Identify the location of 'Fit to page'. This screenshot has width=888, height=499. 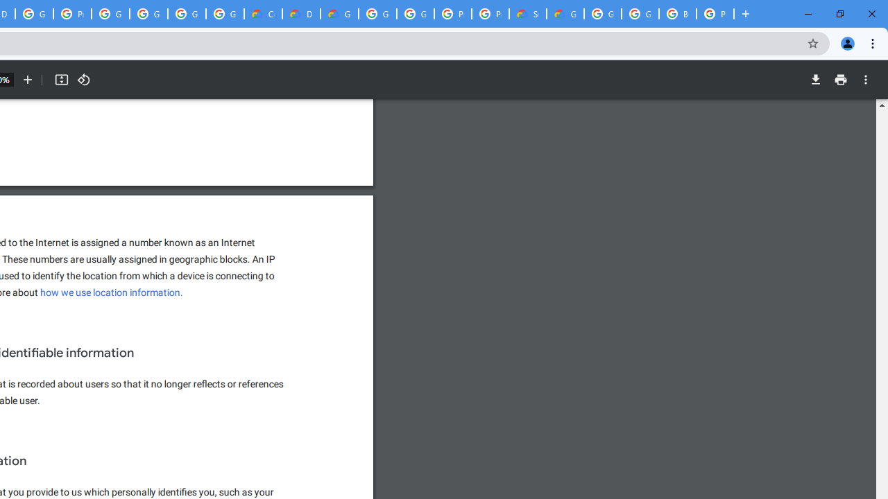
(60, 80).